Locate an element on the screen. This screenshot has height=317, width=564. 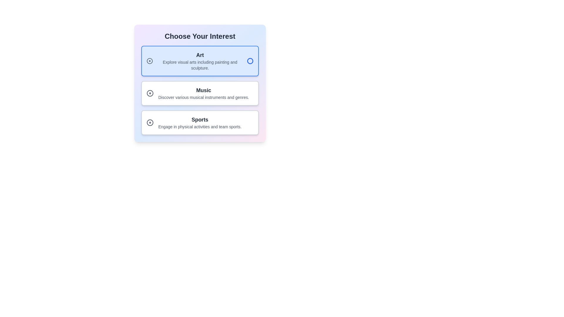
the SVG graphical element representing the 'Sports' option, which is located to the left of the text 'Sports' in a vertical list of options is located at coordinates (150, 122).